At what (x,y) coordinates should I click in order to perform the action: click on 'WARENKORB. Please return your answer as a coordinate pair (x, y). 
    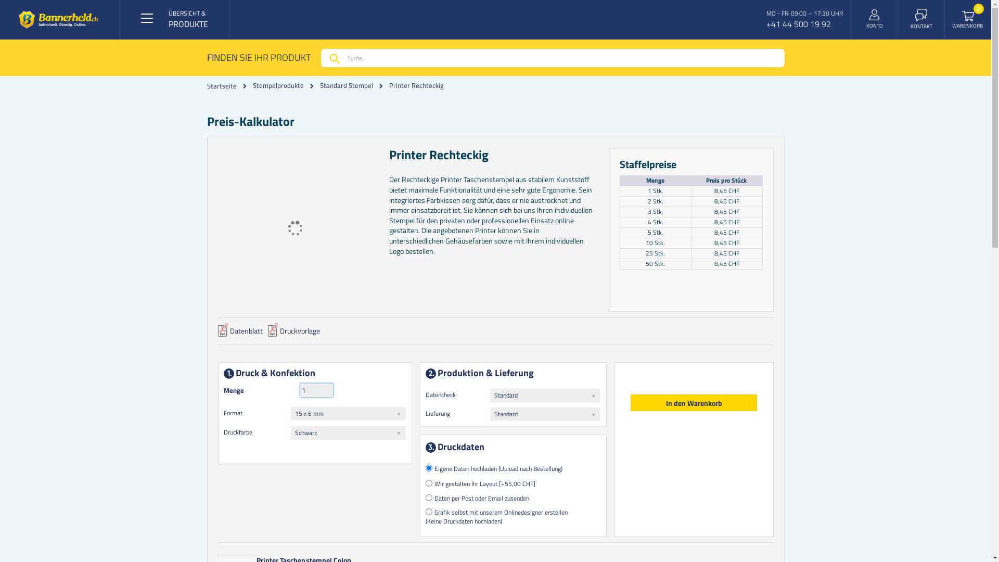
    Looking at the image, I should click on (968, 19).